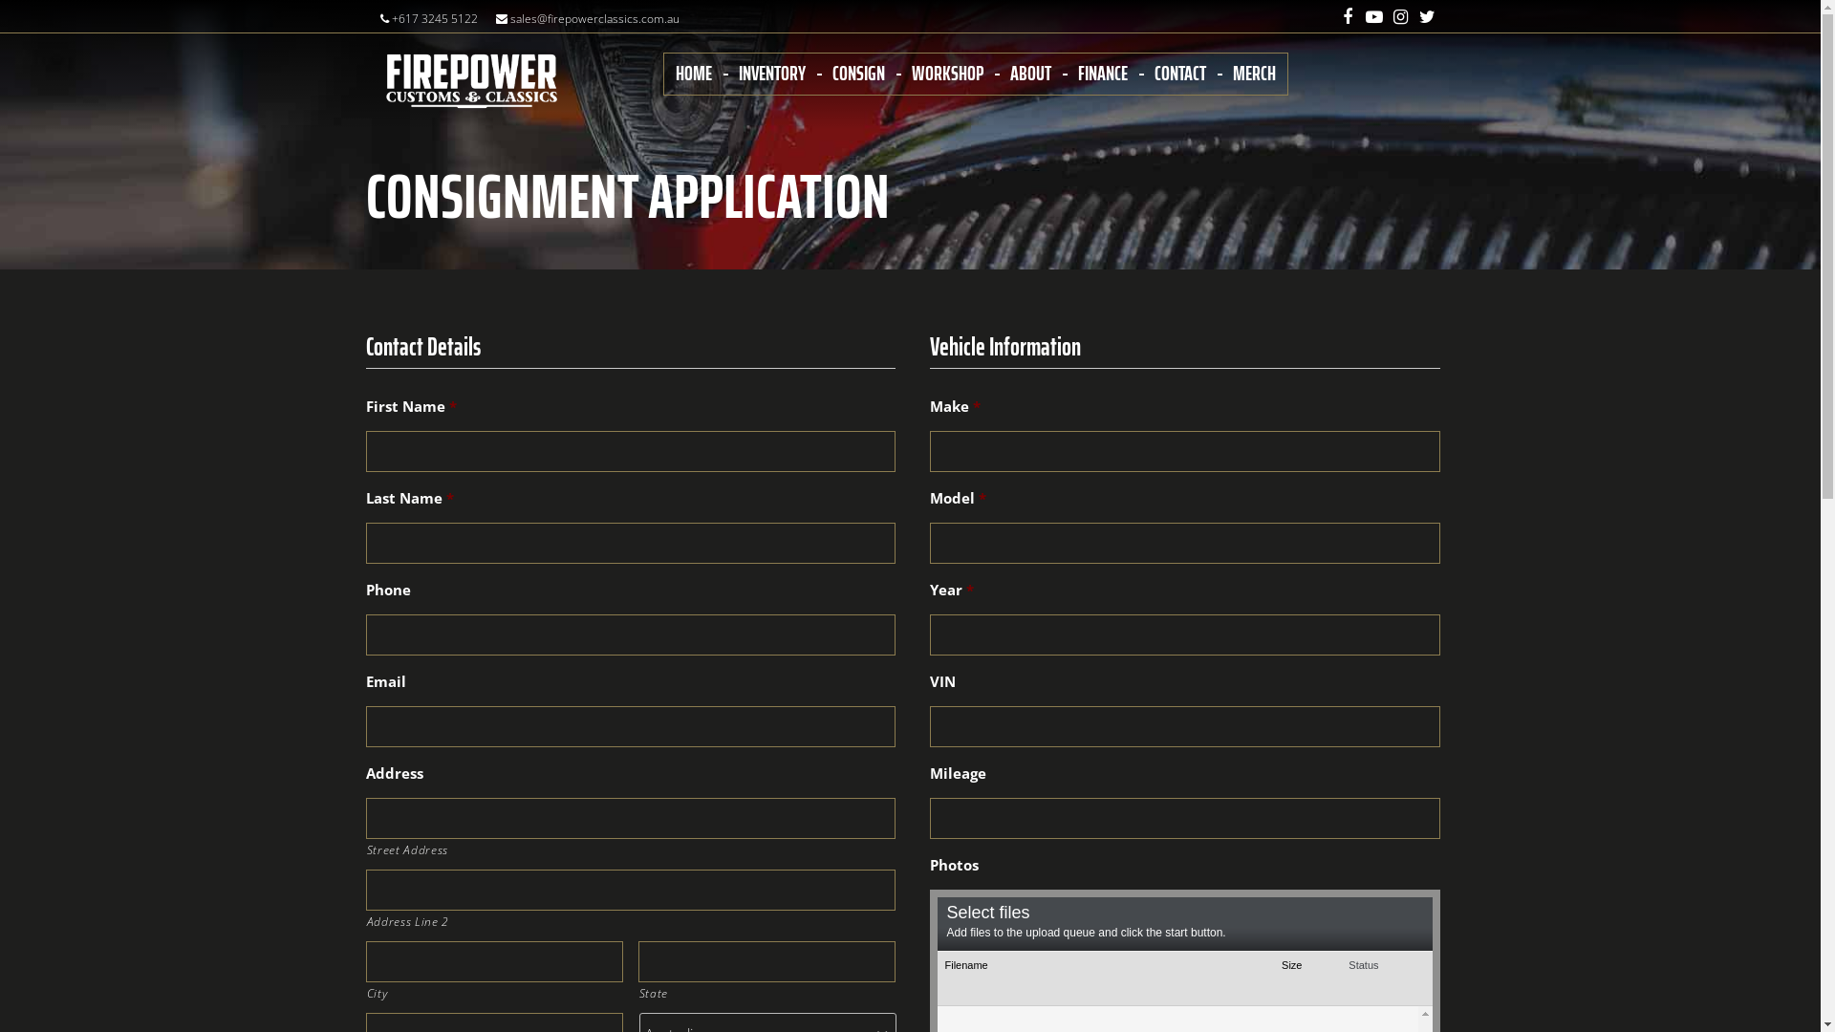 This screenshot has height=1032, width=1835. I want to click on 'FINANCE', so click(1102, 72).